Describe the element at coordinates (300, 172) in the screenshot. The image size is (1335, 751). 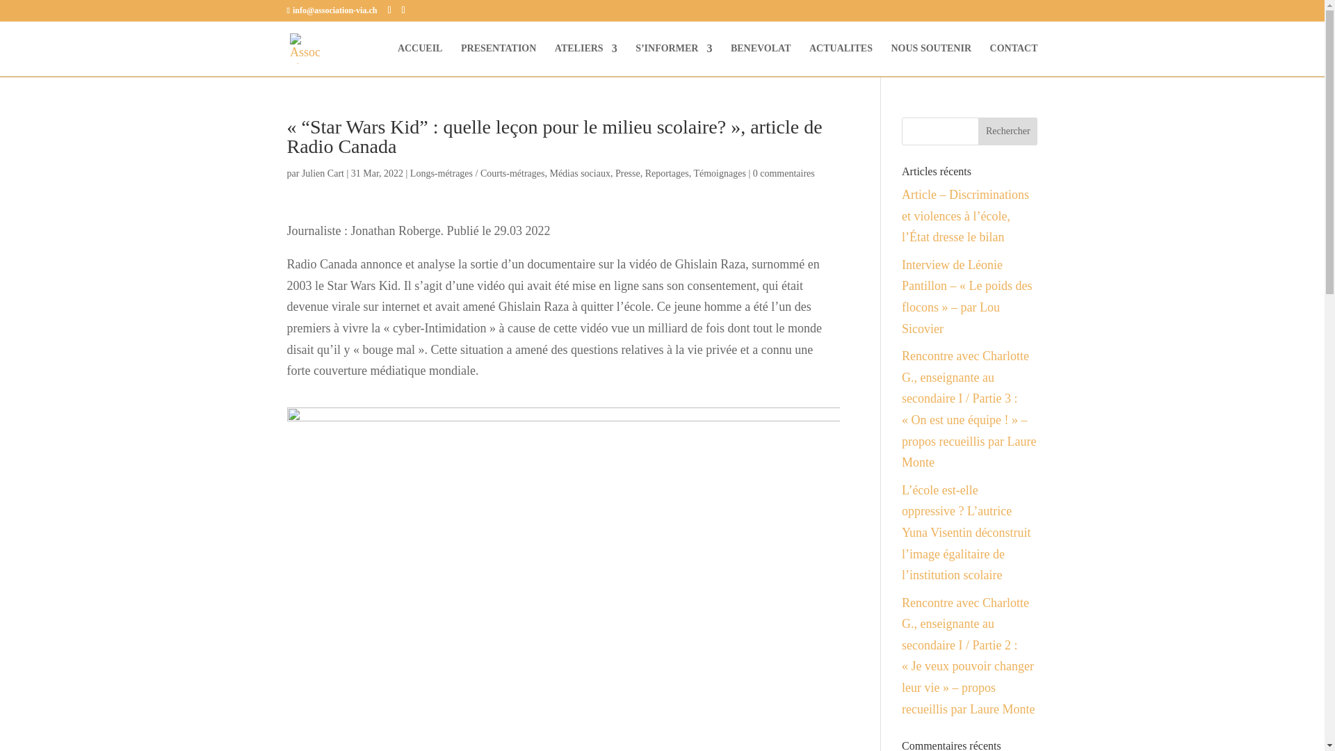
I see `'Julien Cart'` at that location.